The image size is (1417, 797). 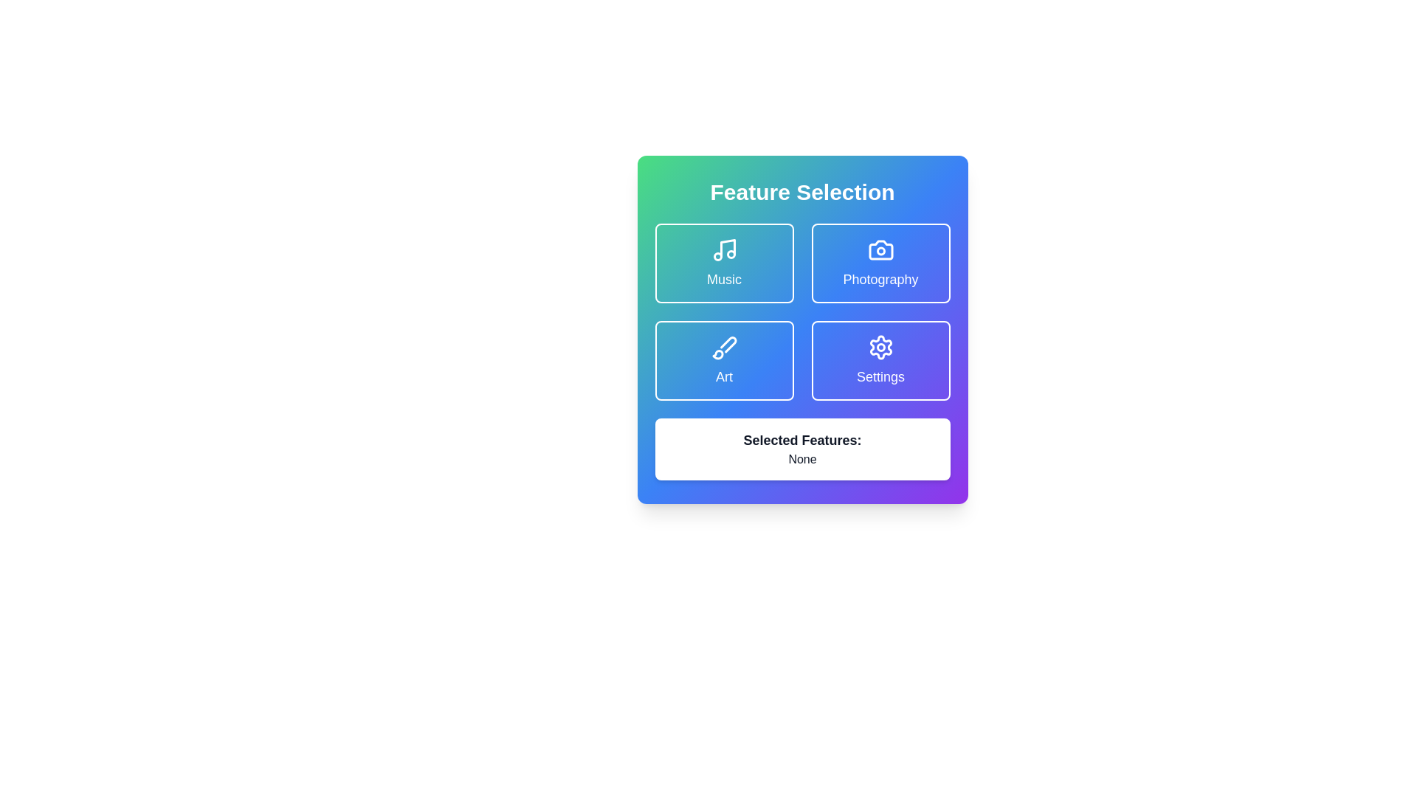 What do you see at coordinates (880, 347) in the screenshot?
I see `the gear icon, which is centered inside the rounded square settings button located at the bottom-right of the feature selection buttons` at bounding box center [880, 347].